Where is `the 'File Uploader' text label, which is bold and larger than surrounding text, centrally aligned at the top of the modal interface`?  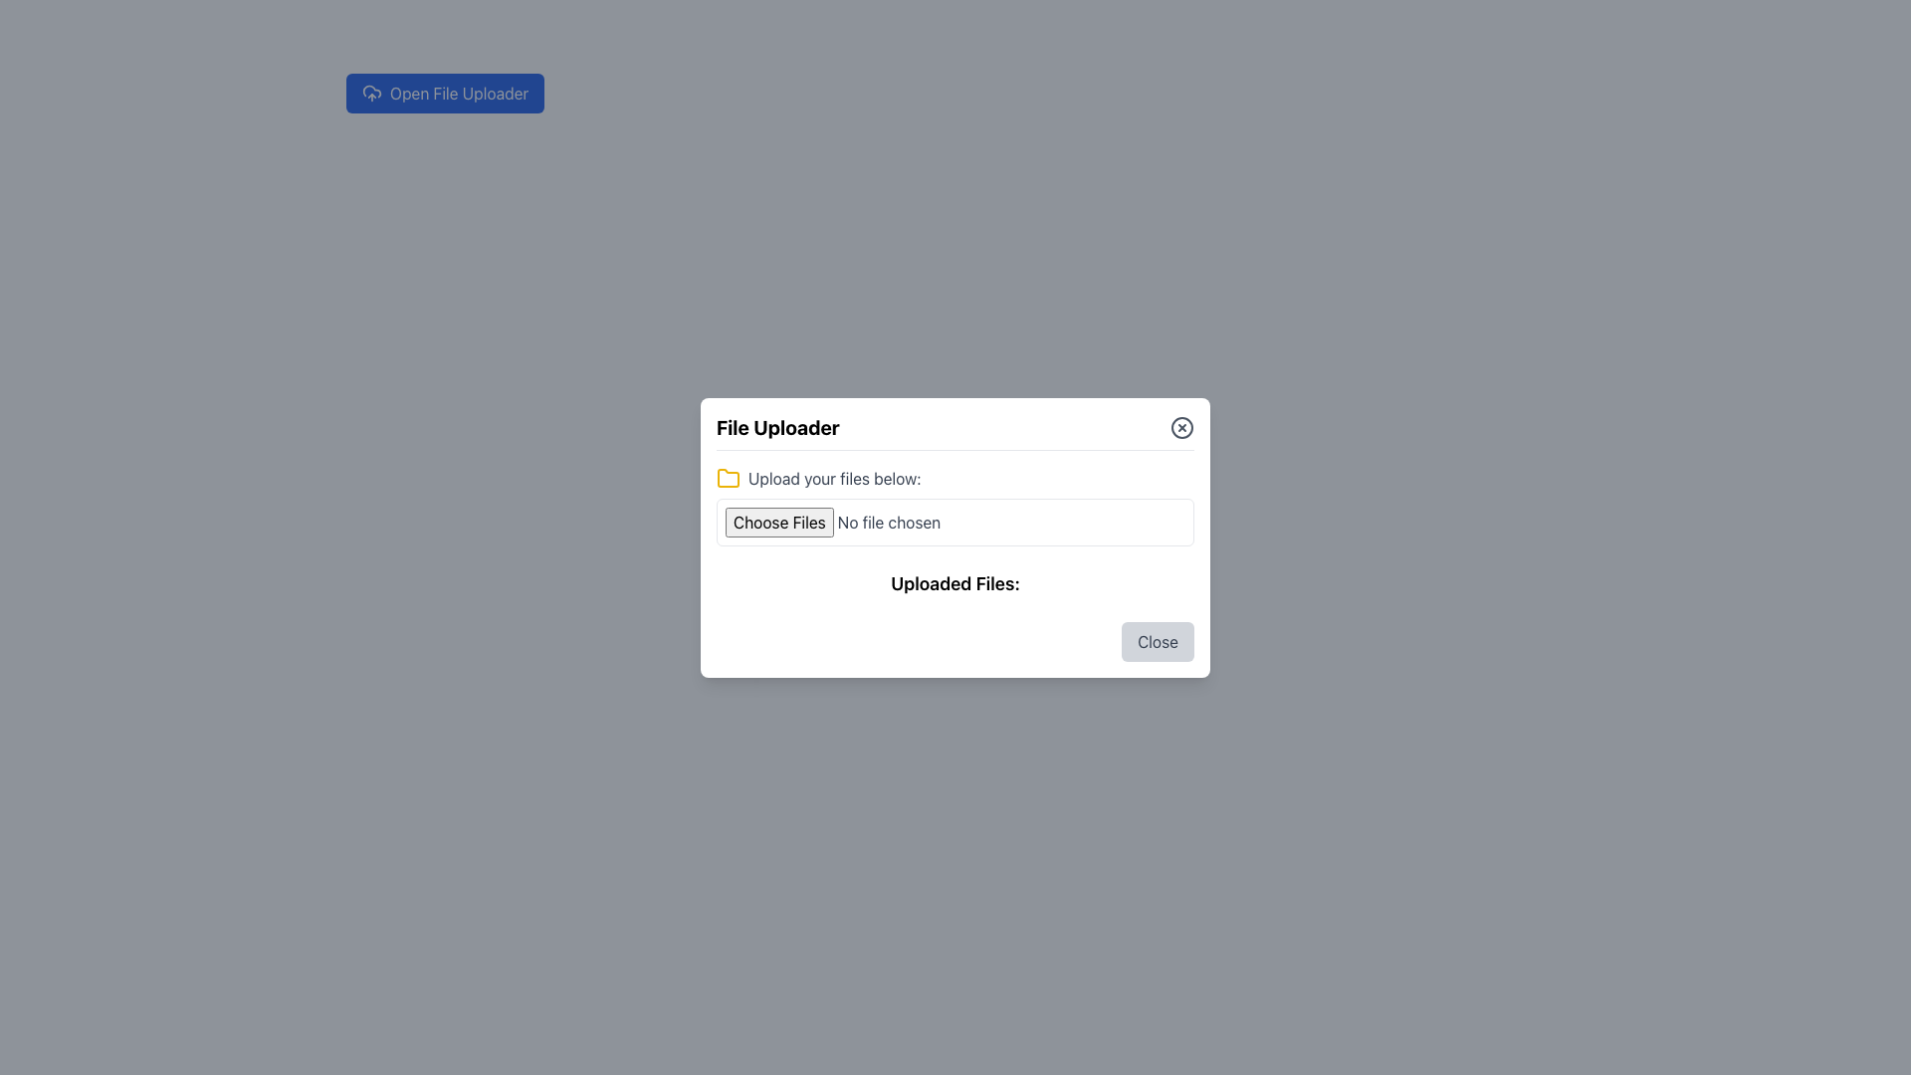 the 'File Uploader' text label, which is bold and larger than surrounding text, centrally aligned at the top of the modal interface is located at coordinates (776, 426).